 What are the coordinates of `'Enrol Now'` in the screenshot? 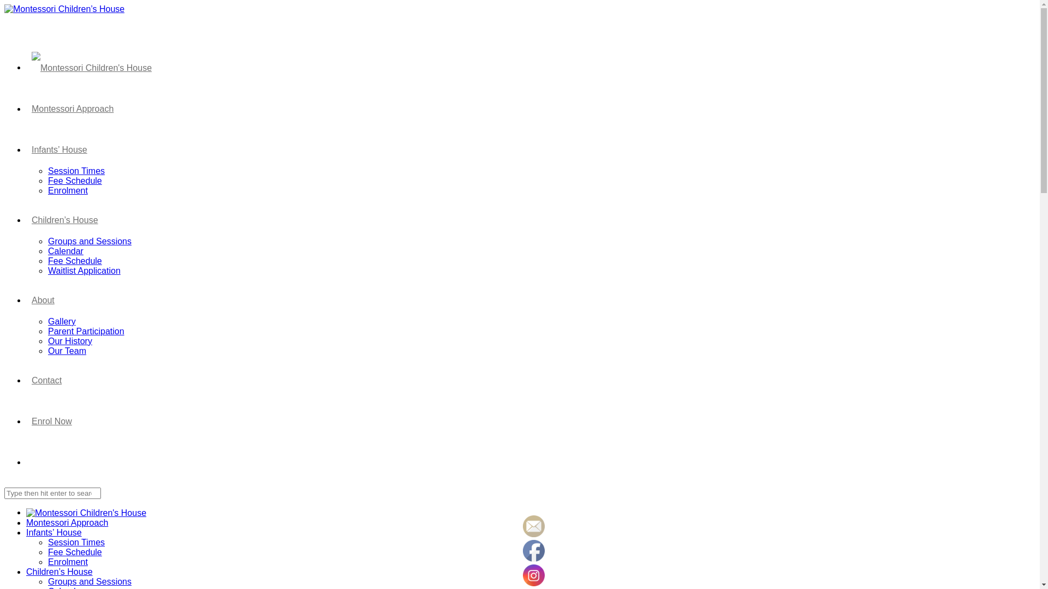 It's located at (51, 419).